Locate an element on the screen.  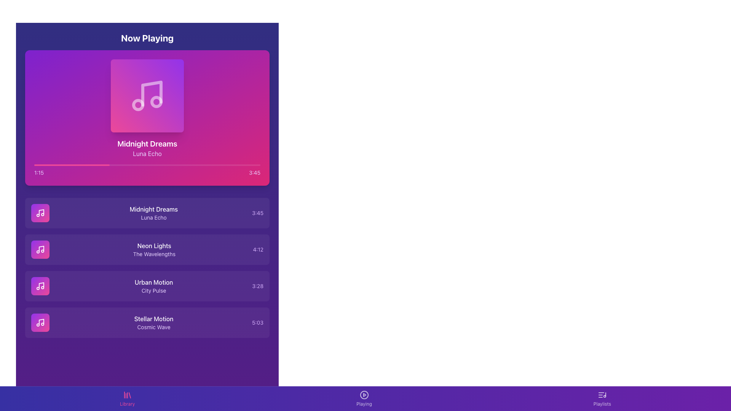
the central musical note graphic of the first song in the playlist is located at coordinates (40, 213).